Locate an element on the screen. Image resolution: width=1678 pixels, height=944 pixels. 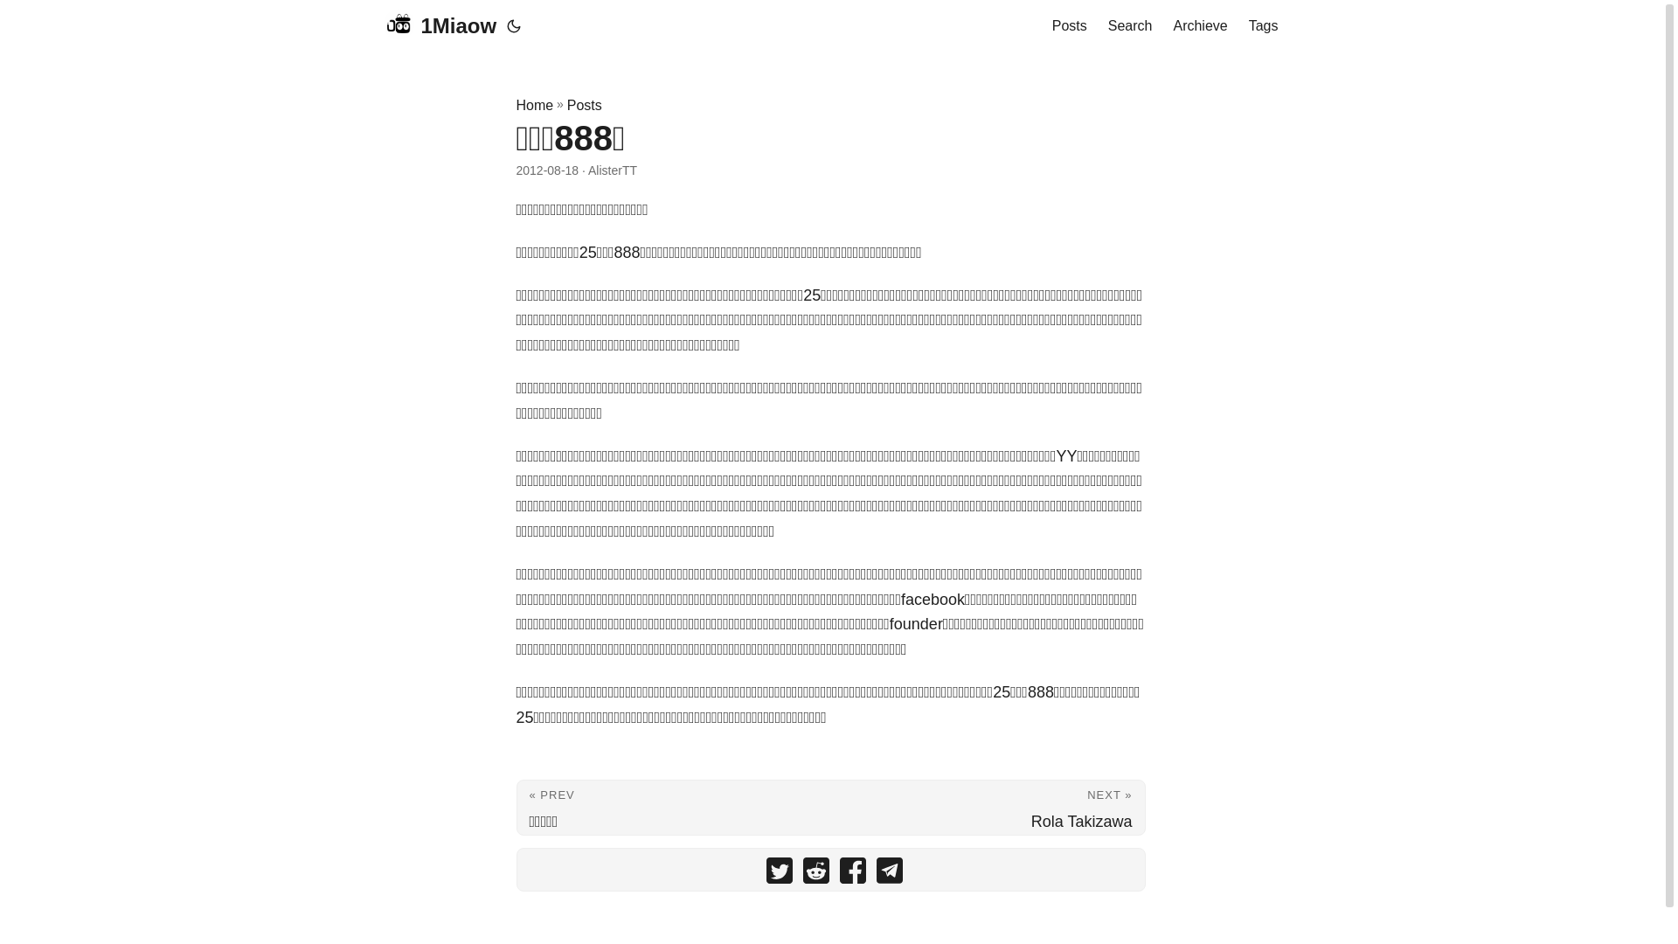
'Archieve' is located at coordinates (1173, 26).